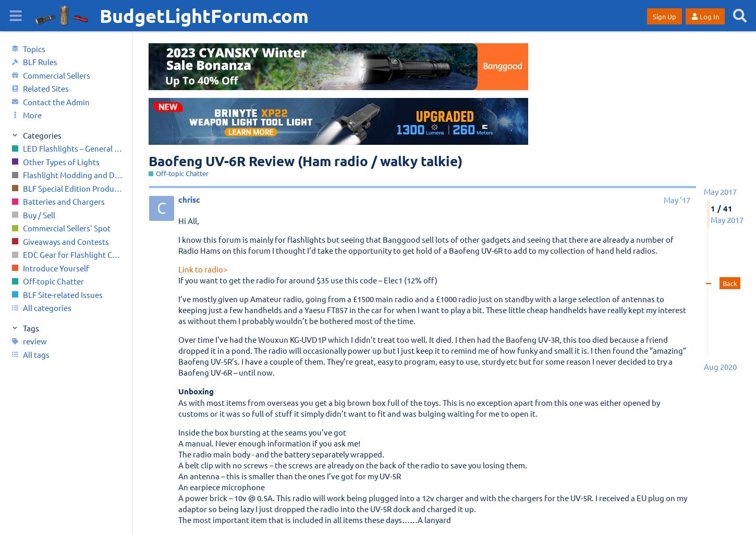 This screenshot has height=534, width=756. What do you see at coordinates (425, 244) in the screenshot?
I see `'I know this forum is mainly for flashlights but seeing that Banggood sell lots of other gadgets and seeing that there are already a number of Radio Hams on this forum I thought I’d take the opportunity to get hold of a Baofeng UV-6R to add to my collection of hand held radios.'` at bounding box center [425, 244].